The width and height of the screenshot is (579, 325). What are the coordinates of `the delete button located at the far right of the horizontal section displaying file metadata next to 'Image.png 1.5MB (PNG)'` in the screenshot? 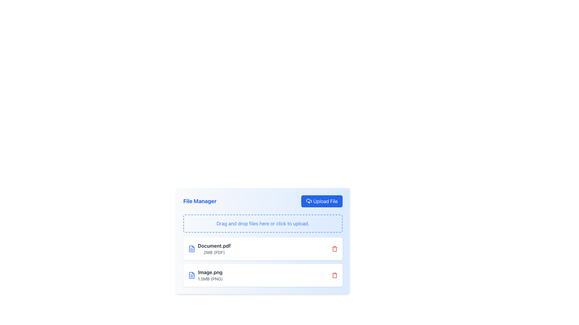 It's located at (334, 275).